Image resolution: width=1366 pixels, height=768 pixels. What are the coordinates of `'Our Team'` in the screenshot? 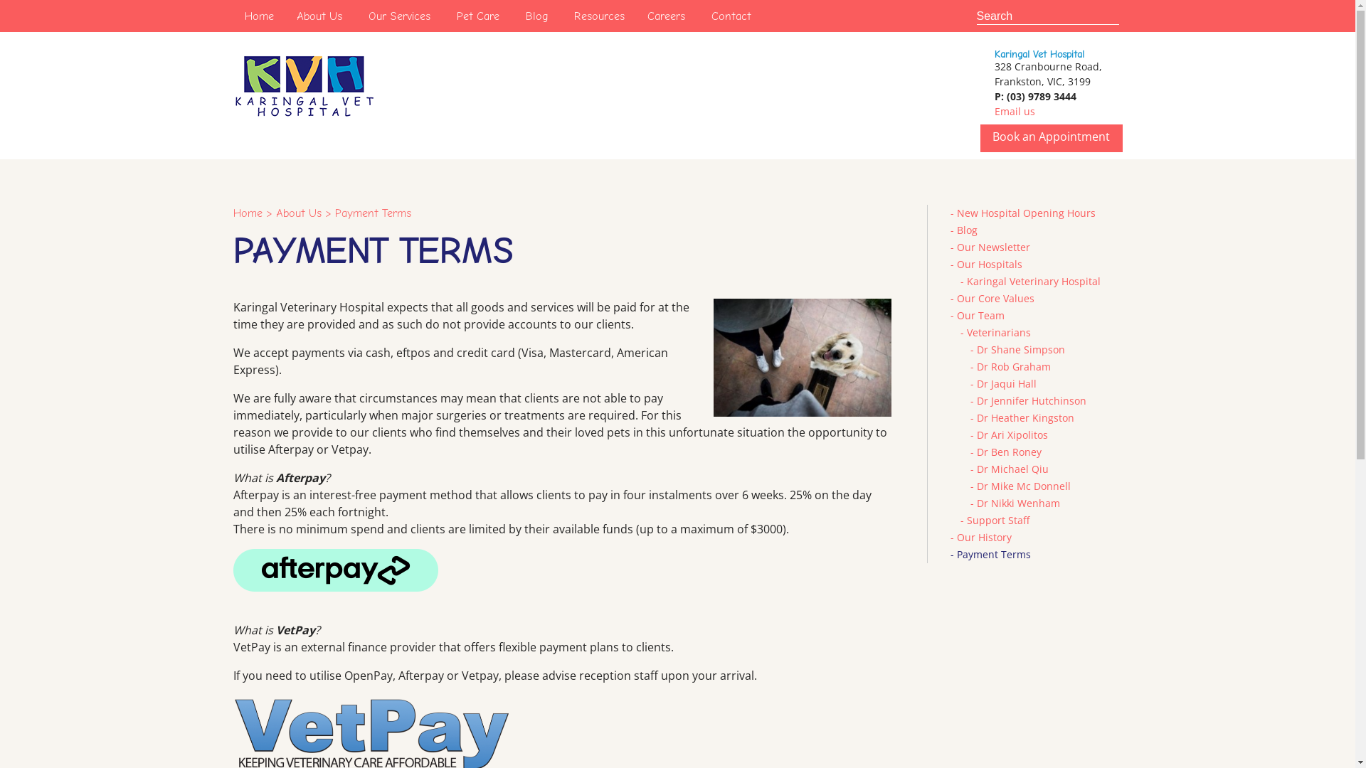 It's located at (979, 314).